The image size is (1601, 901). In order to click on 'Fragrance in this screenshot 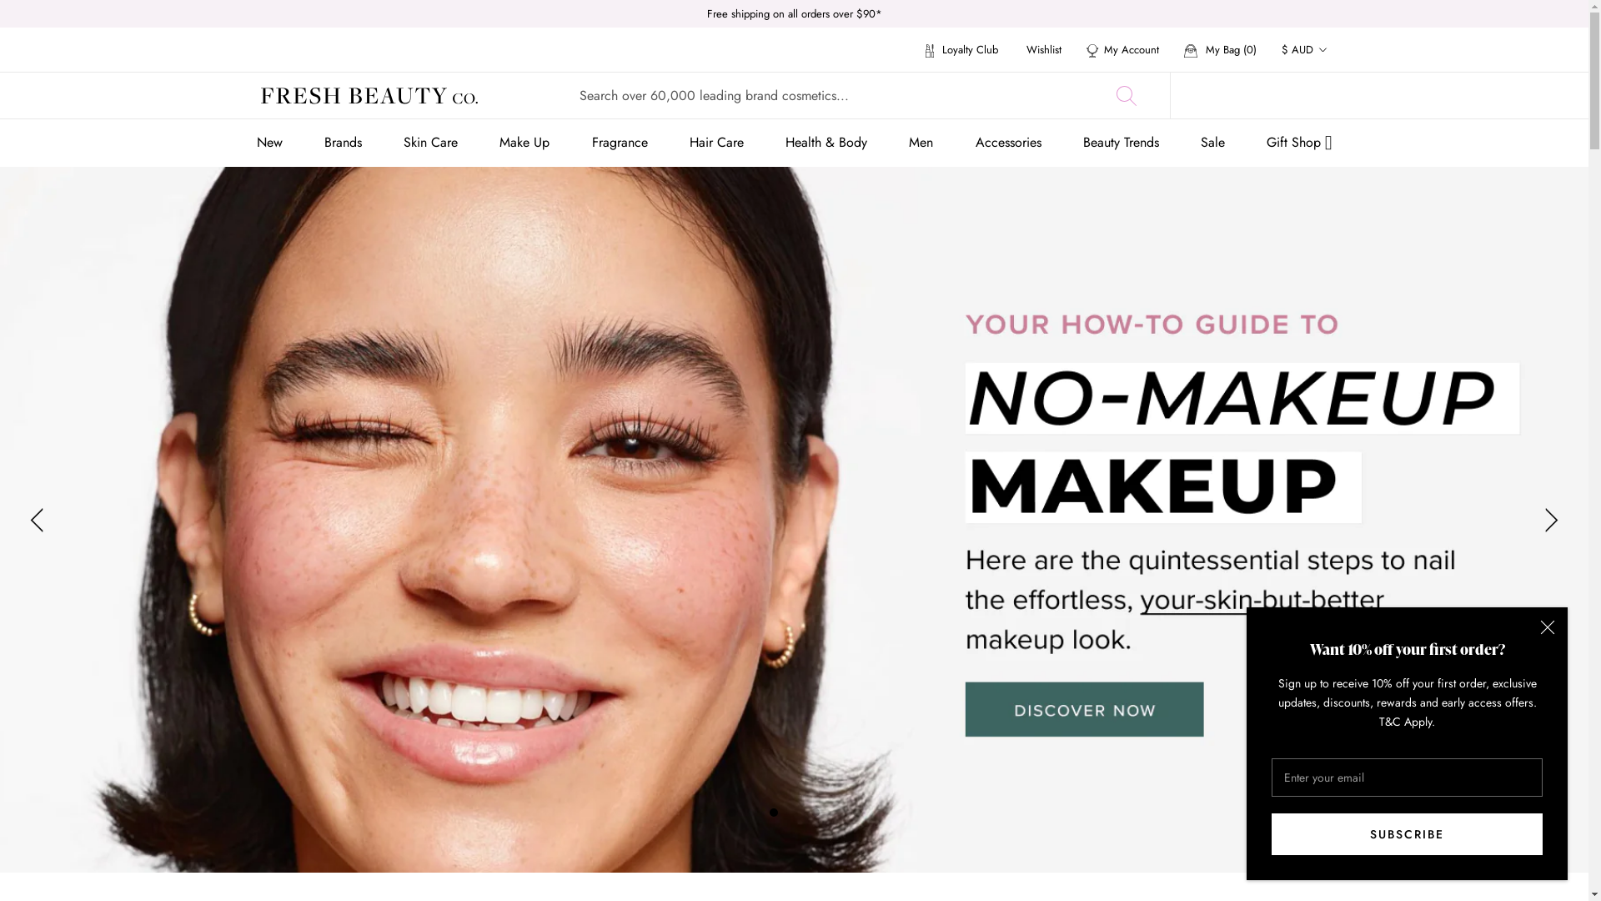, I will do `click(619, 141)`.